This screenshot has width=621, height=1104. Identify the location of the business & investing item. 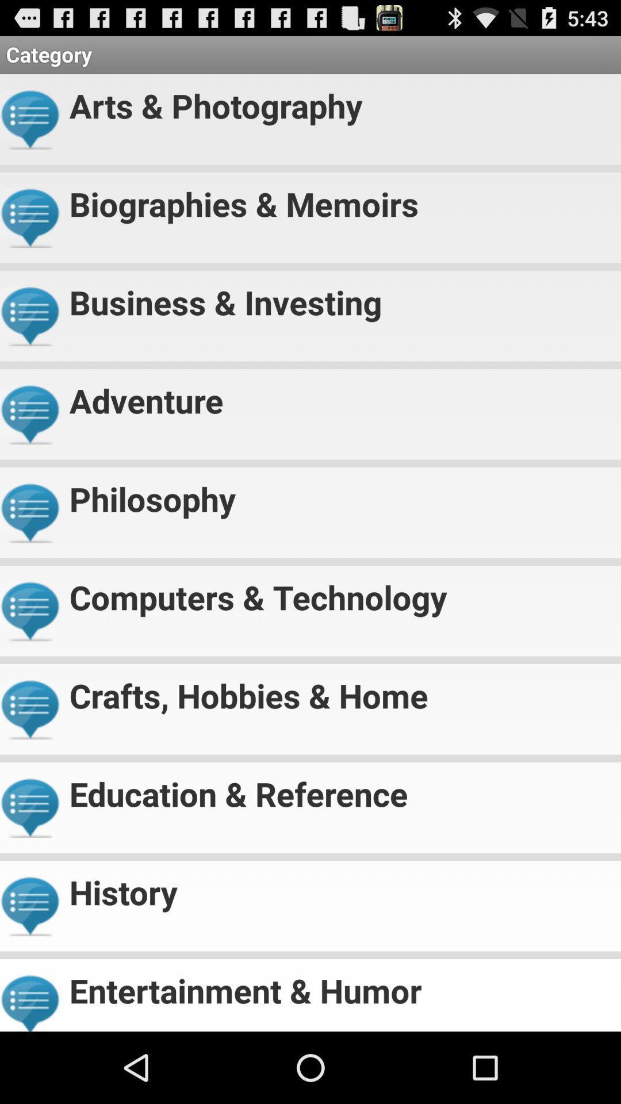
(340, 297).